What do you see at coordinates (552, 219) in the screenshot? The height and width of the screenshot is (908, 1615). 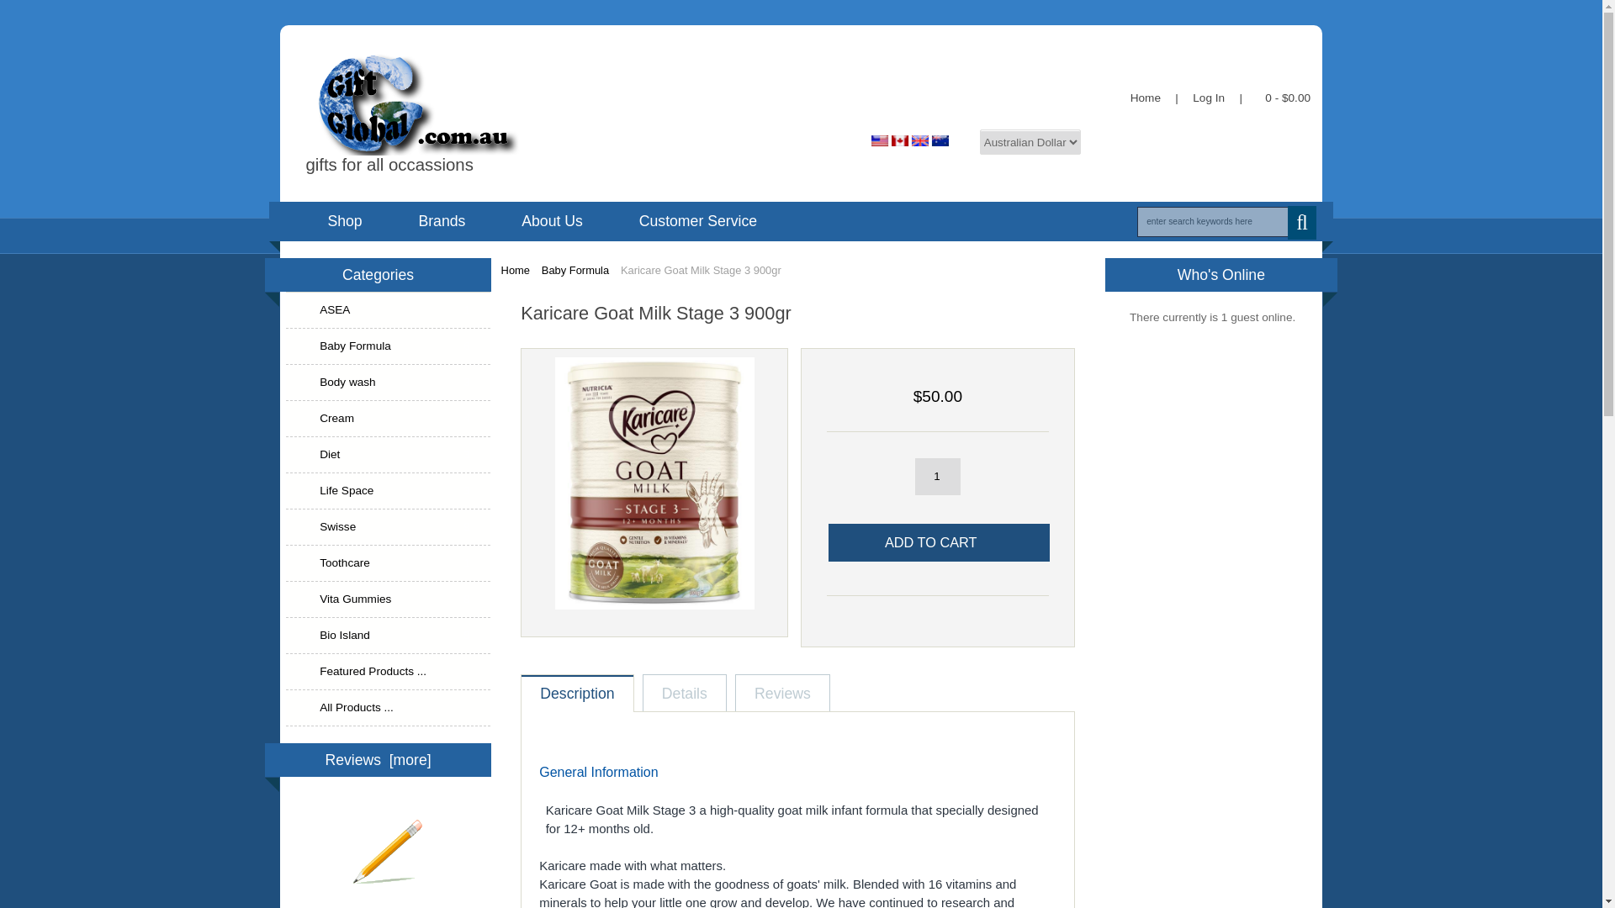 I see `'About Us'` at bounding box center [552, 219].